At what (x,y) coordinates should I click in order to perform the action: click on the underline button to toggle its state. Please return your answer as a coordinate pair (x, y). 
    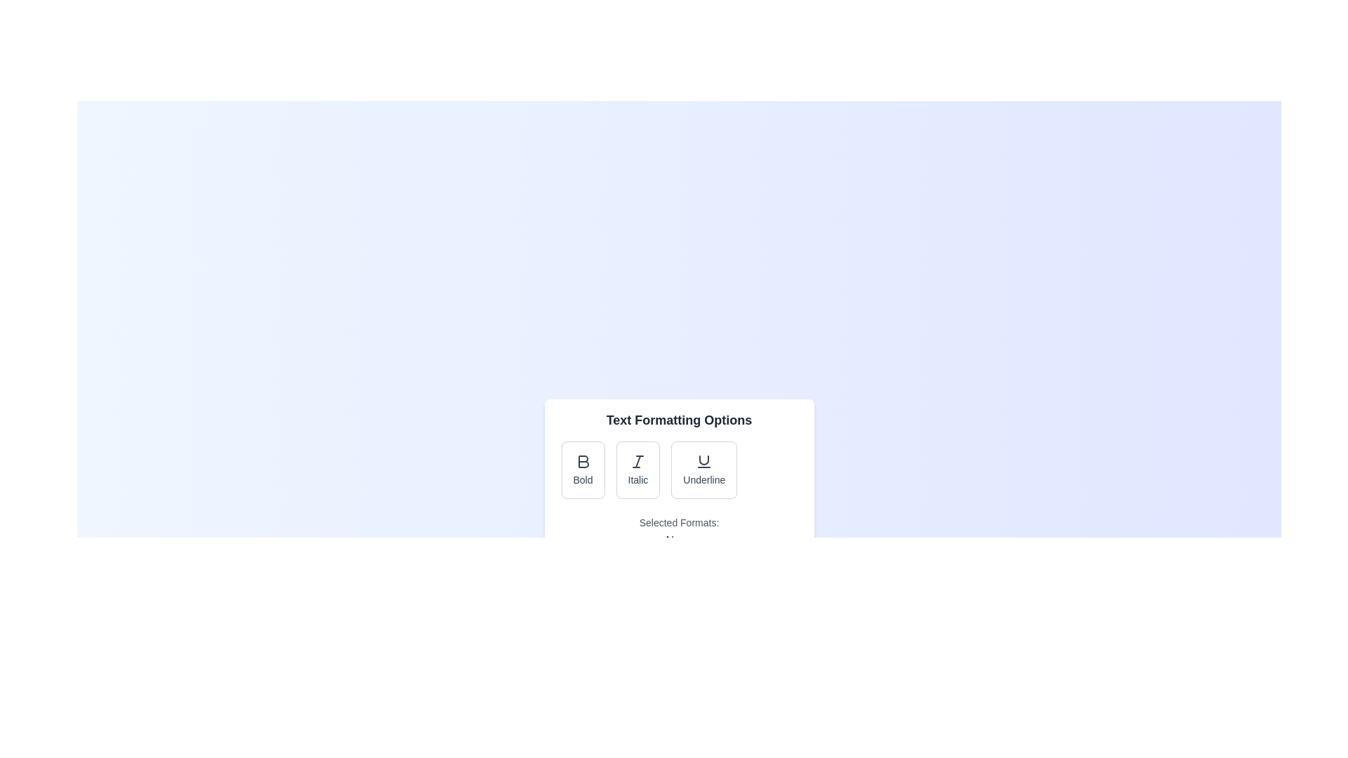
    Looking at the image, I should click on (704, 470).